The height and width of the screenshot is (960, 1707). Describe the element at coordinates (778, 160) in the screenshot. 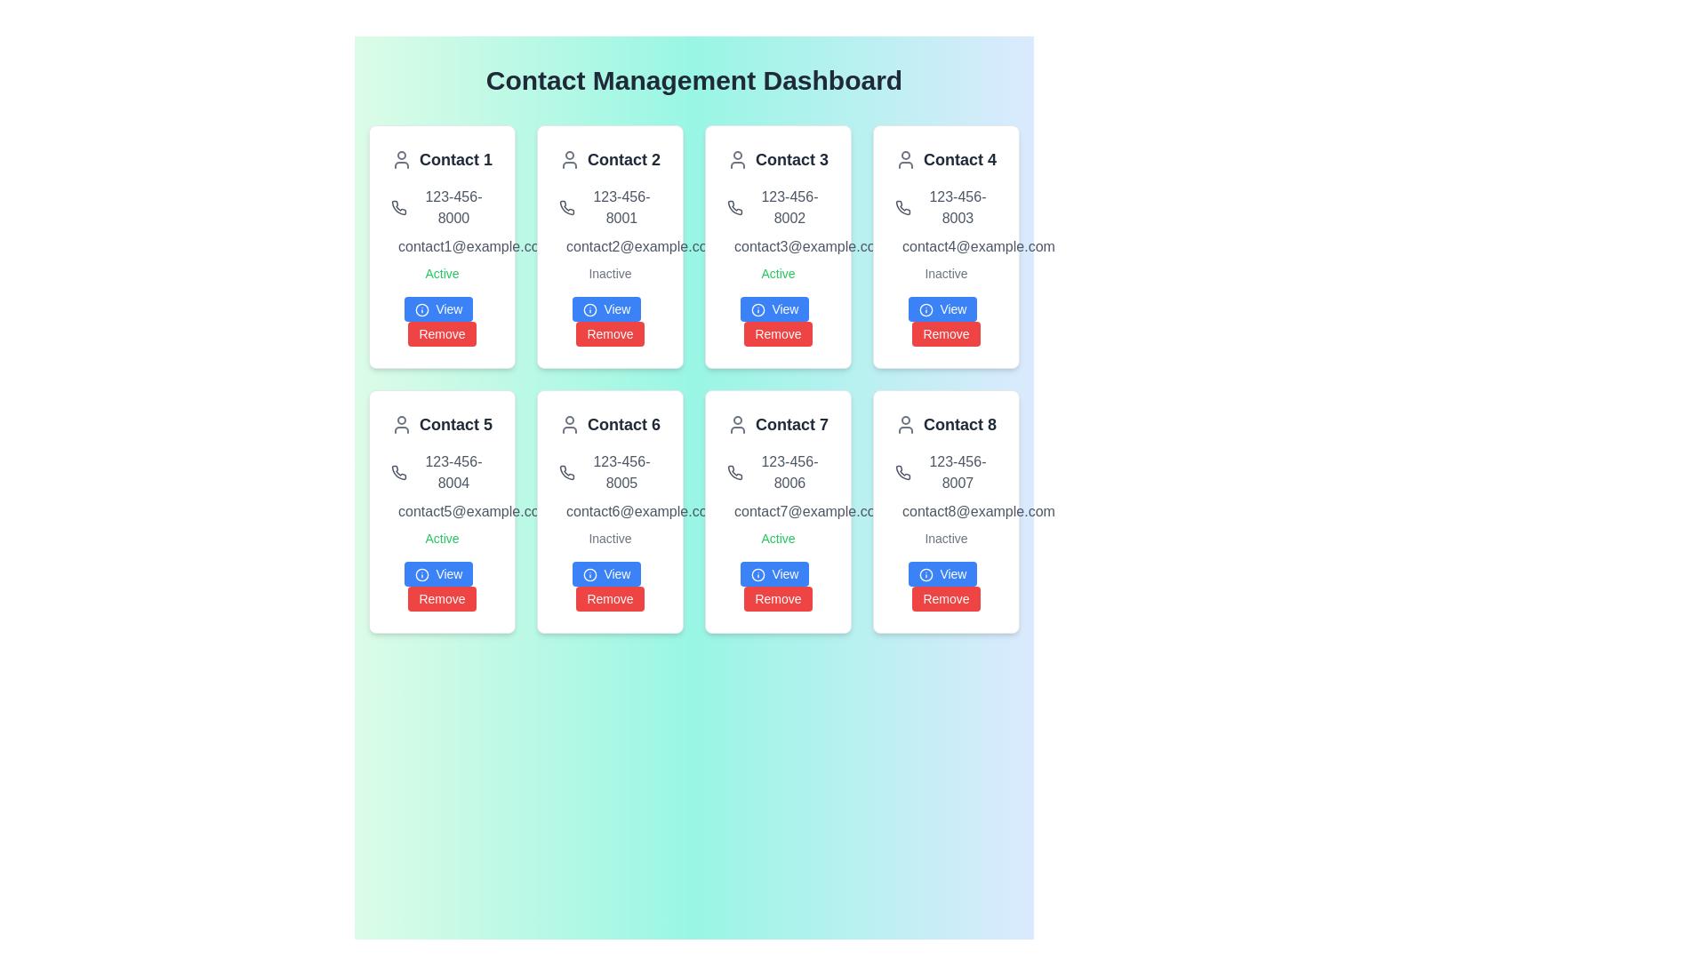

I see `the title or heading label for the contact details in the third card from the left in the first row of the grid layout, which serves as the main identifier for this card` at that location.